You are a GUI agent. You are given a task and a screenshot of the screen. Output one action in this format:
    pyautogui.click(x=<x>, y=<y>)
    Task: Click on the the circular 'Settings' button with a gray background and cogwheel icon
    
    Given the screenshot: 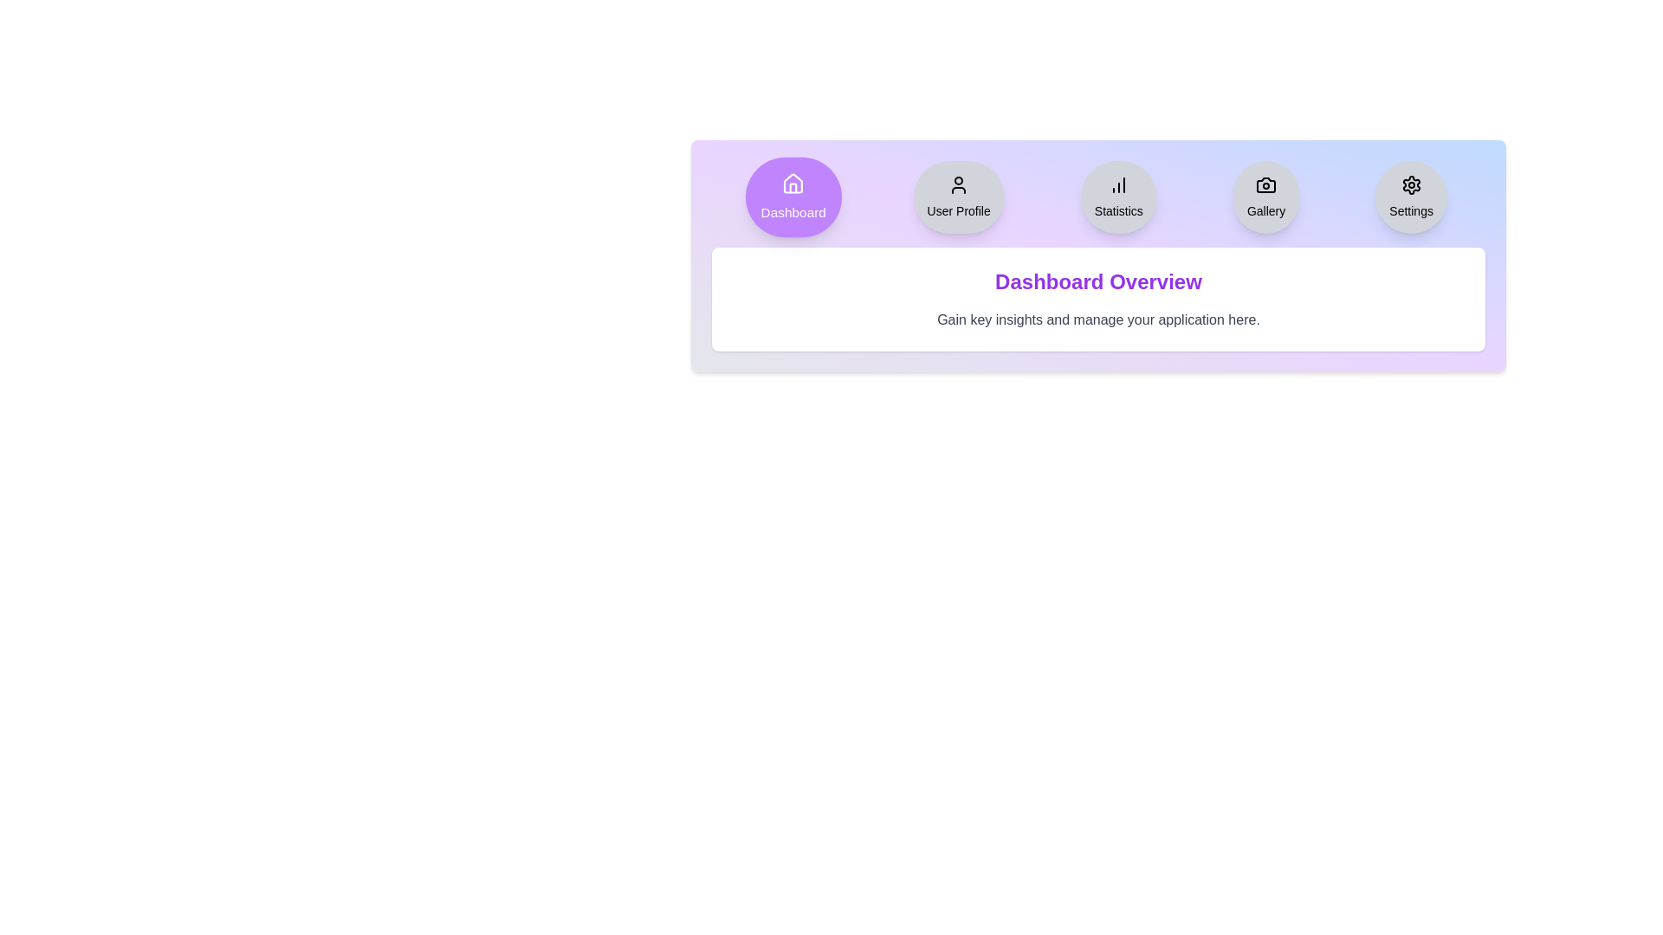 What is the action you would take?
    pyautogui.click(x=1411, y=196)
    